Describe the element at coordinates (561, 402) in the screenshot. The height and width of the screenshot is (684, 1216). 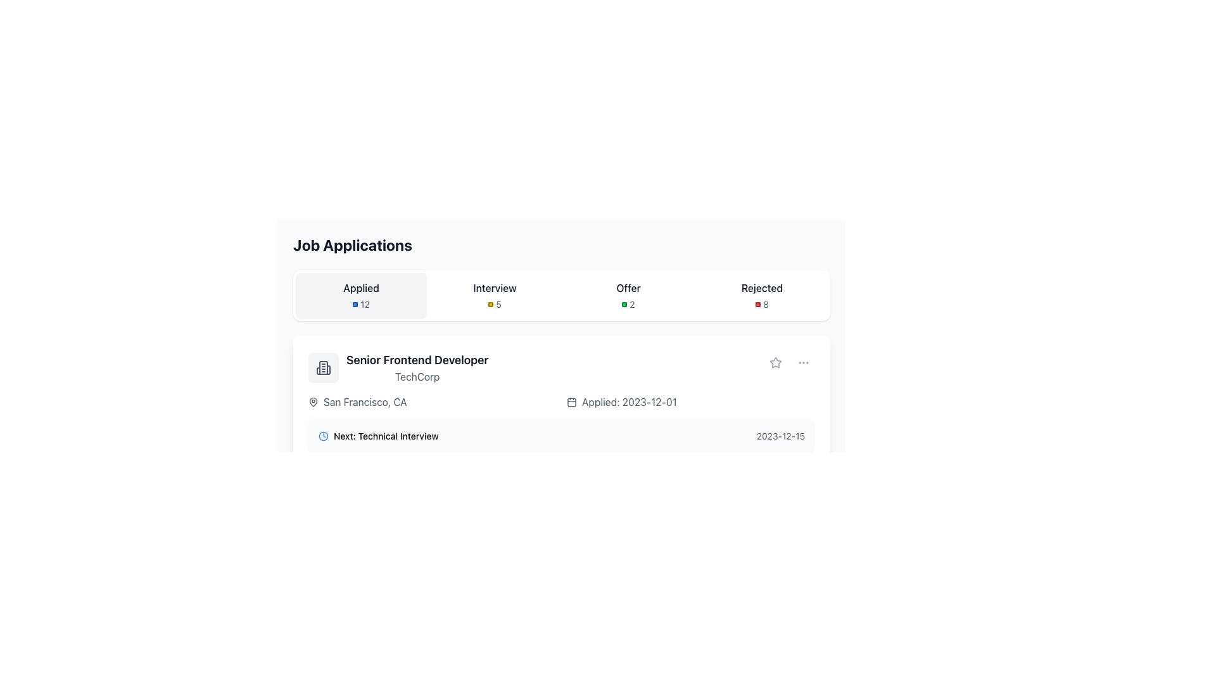
I see `job application details displayed in the informational section below the job title 'Senior Frontend Developer' at 'TechCorp', which includes the location 'San Francisco, CA' and the application date 'Applied: 2023-12-01'` at that location.